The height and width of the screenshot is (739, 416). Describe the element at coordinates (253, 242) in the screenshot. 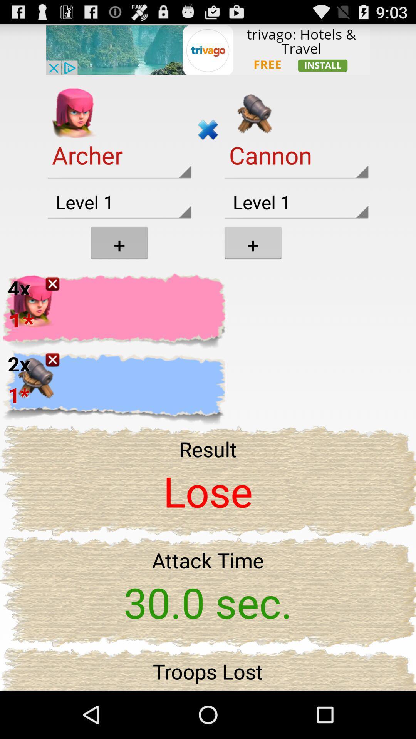

I see `the icon which is below the cannon` at that location.